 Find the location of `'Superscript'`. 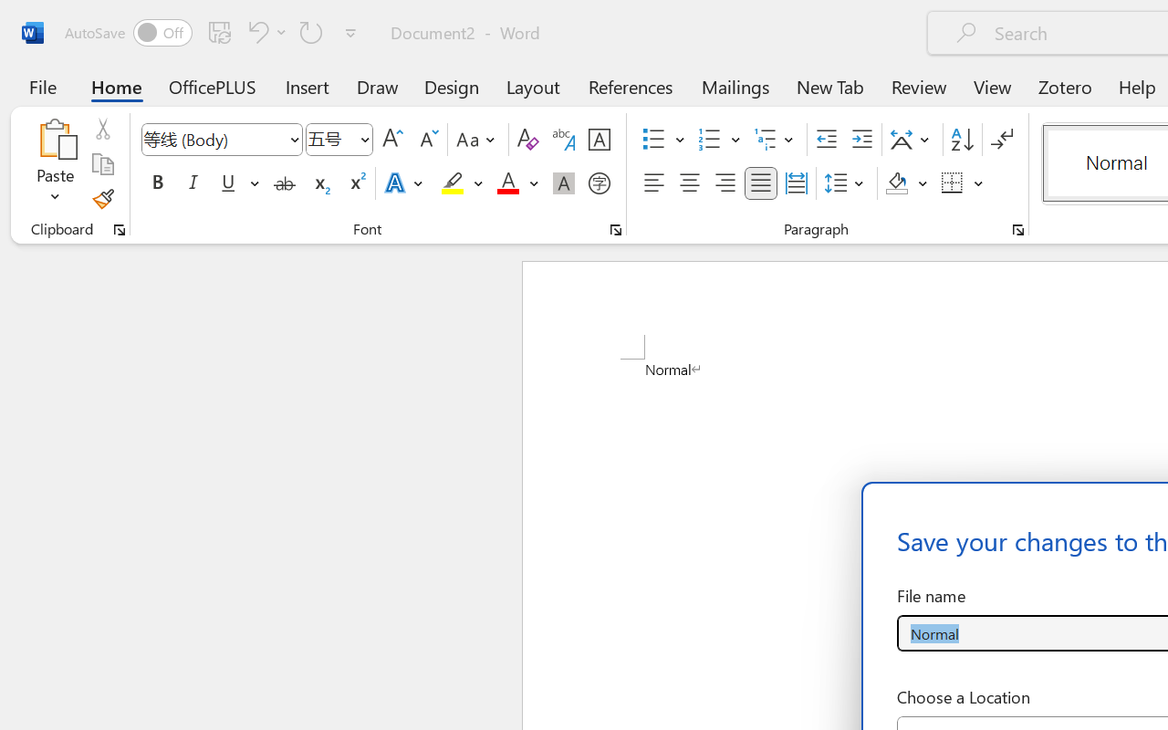

'Superscript' is located at coordinates (356, 183).